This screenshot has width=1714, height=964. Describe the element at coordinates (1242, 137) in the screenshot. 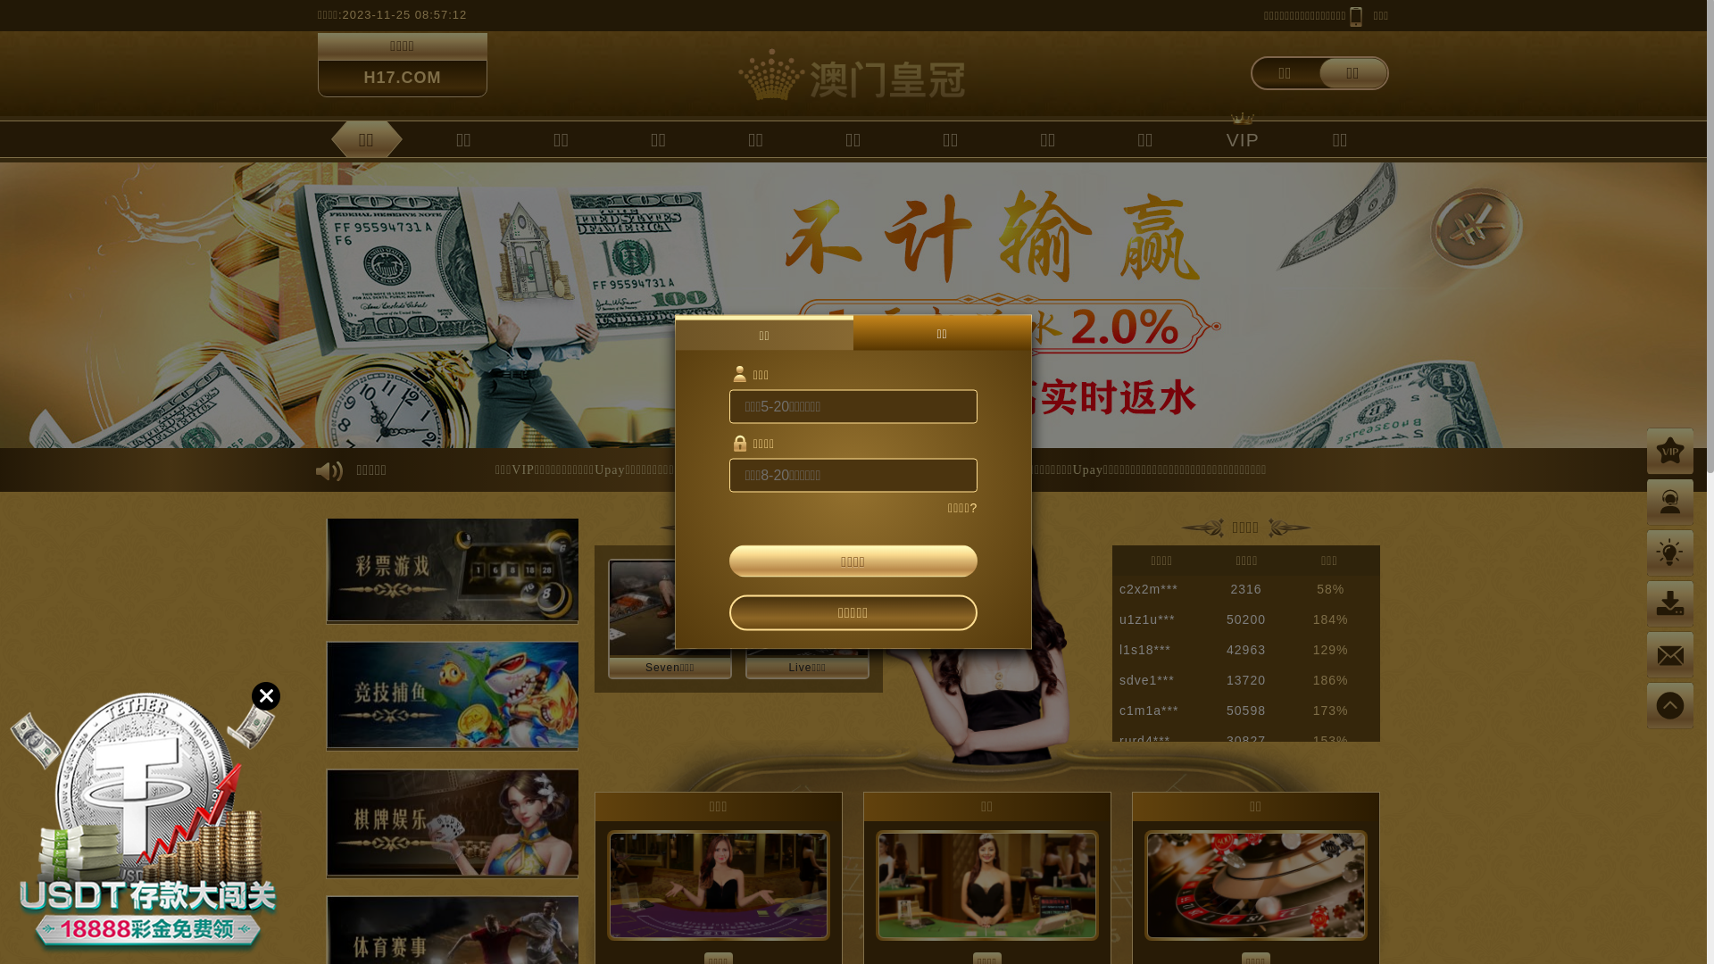

I see `'VIP'` at that location.